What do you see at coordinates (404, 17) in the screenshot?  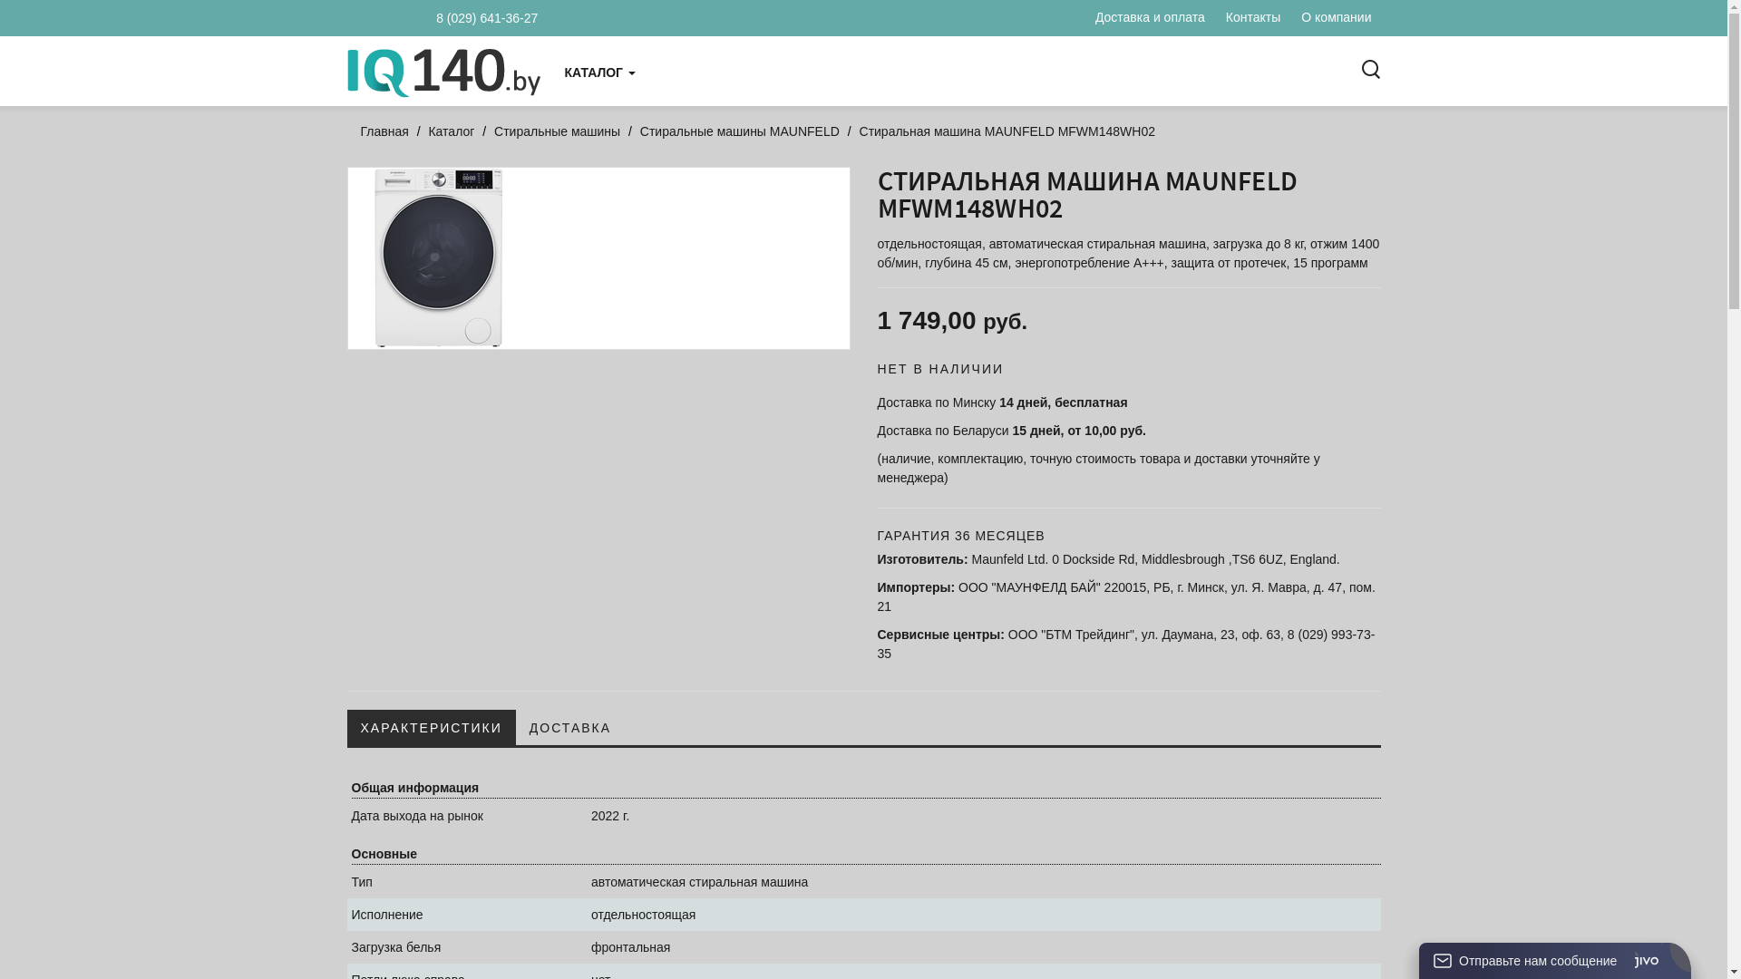 I see `'8 (029) 641-36-27'` at bounding box center [404, 17].